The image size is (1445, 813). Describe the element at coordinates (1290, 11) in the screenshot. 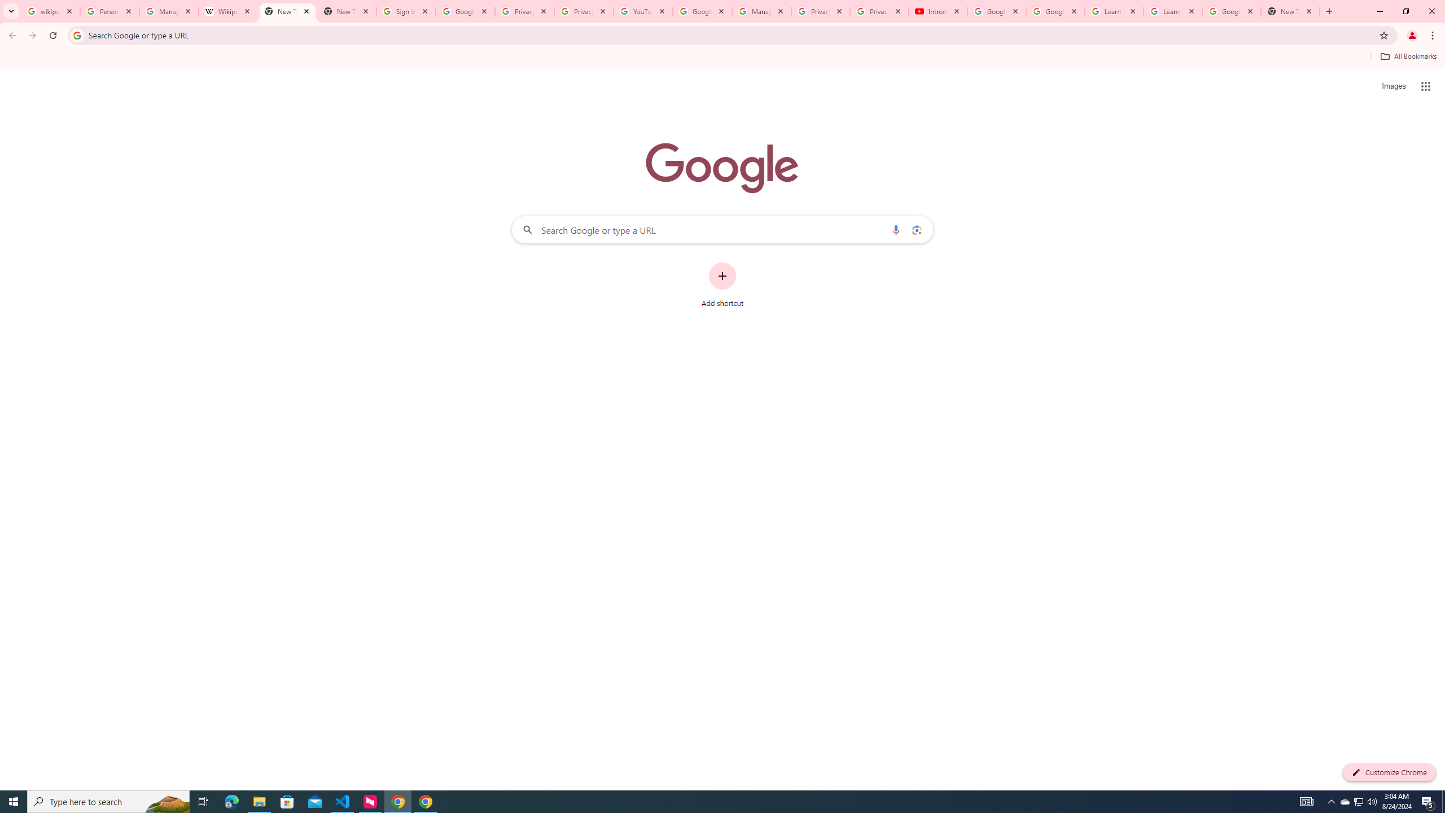

I see `'New Tab'` at that location.